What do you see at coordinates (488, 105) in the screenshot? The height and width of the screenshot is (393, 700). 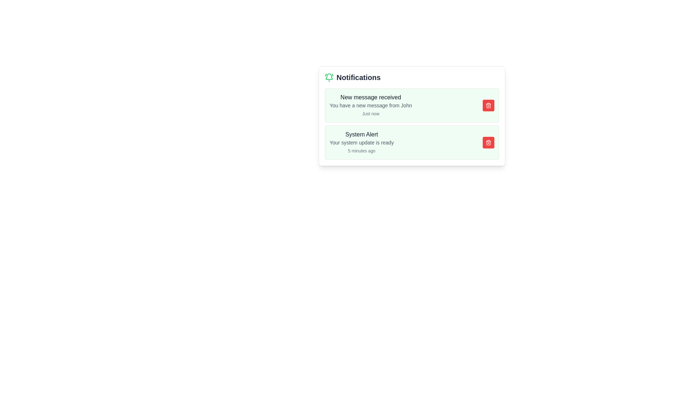 I see `the delete button located in the top-right corner of the 'New message received' notification` at bounding box center [488, 105].